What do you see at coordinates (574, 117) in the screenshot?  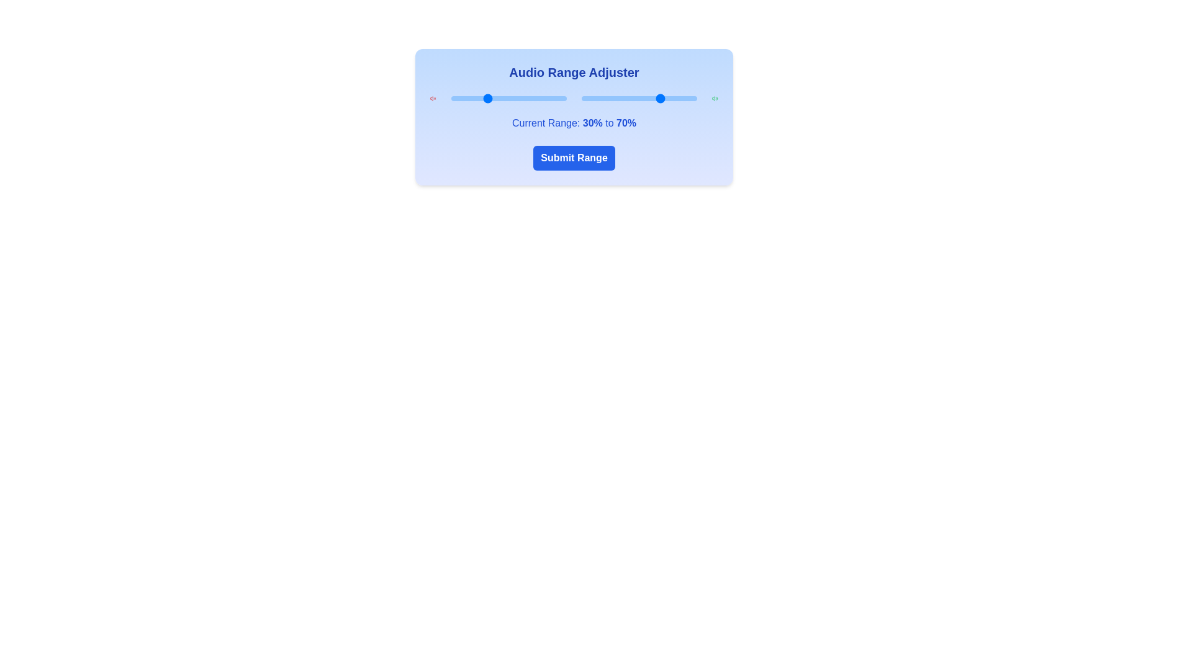 I see `the audio range adjustment component` at bounding box center [574, 117].